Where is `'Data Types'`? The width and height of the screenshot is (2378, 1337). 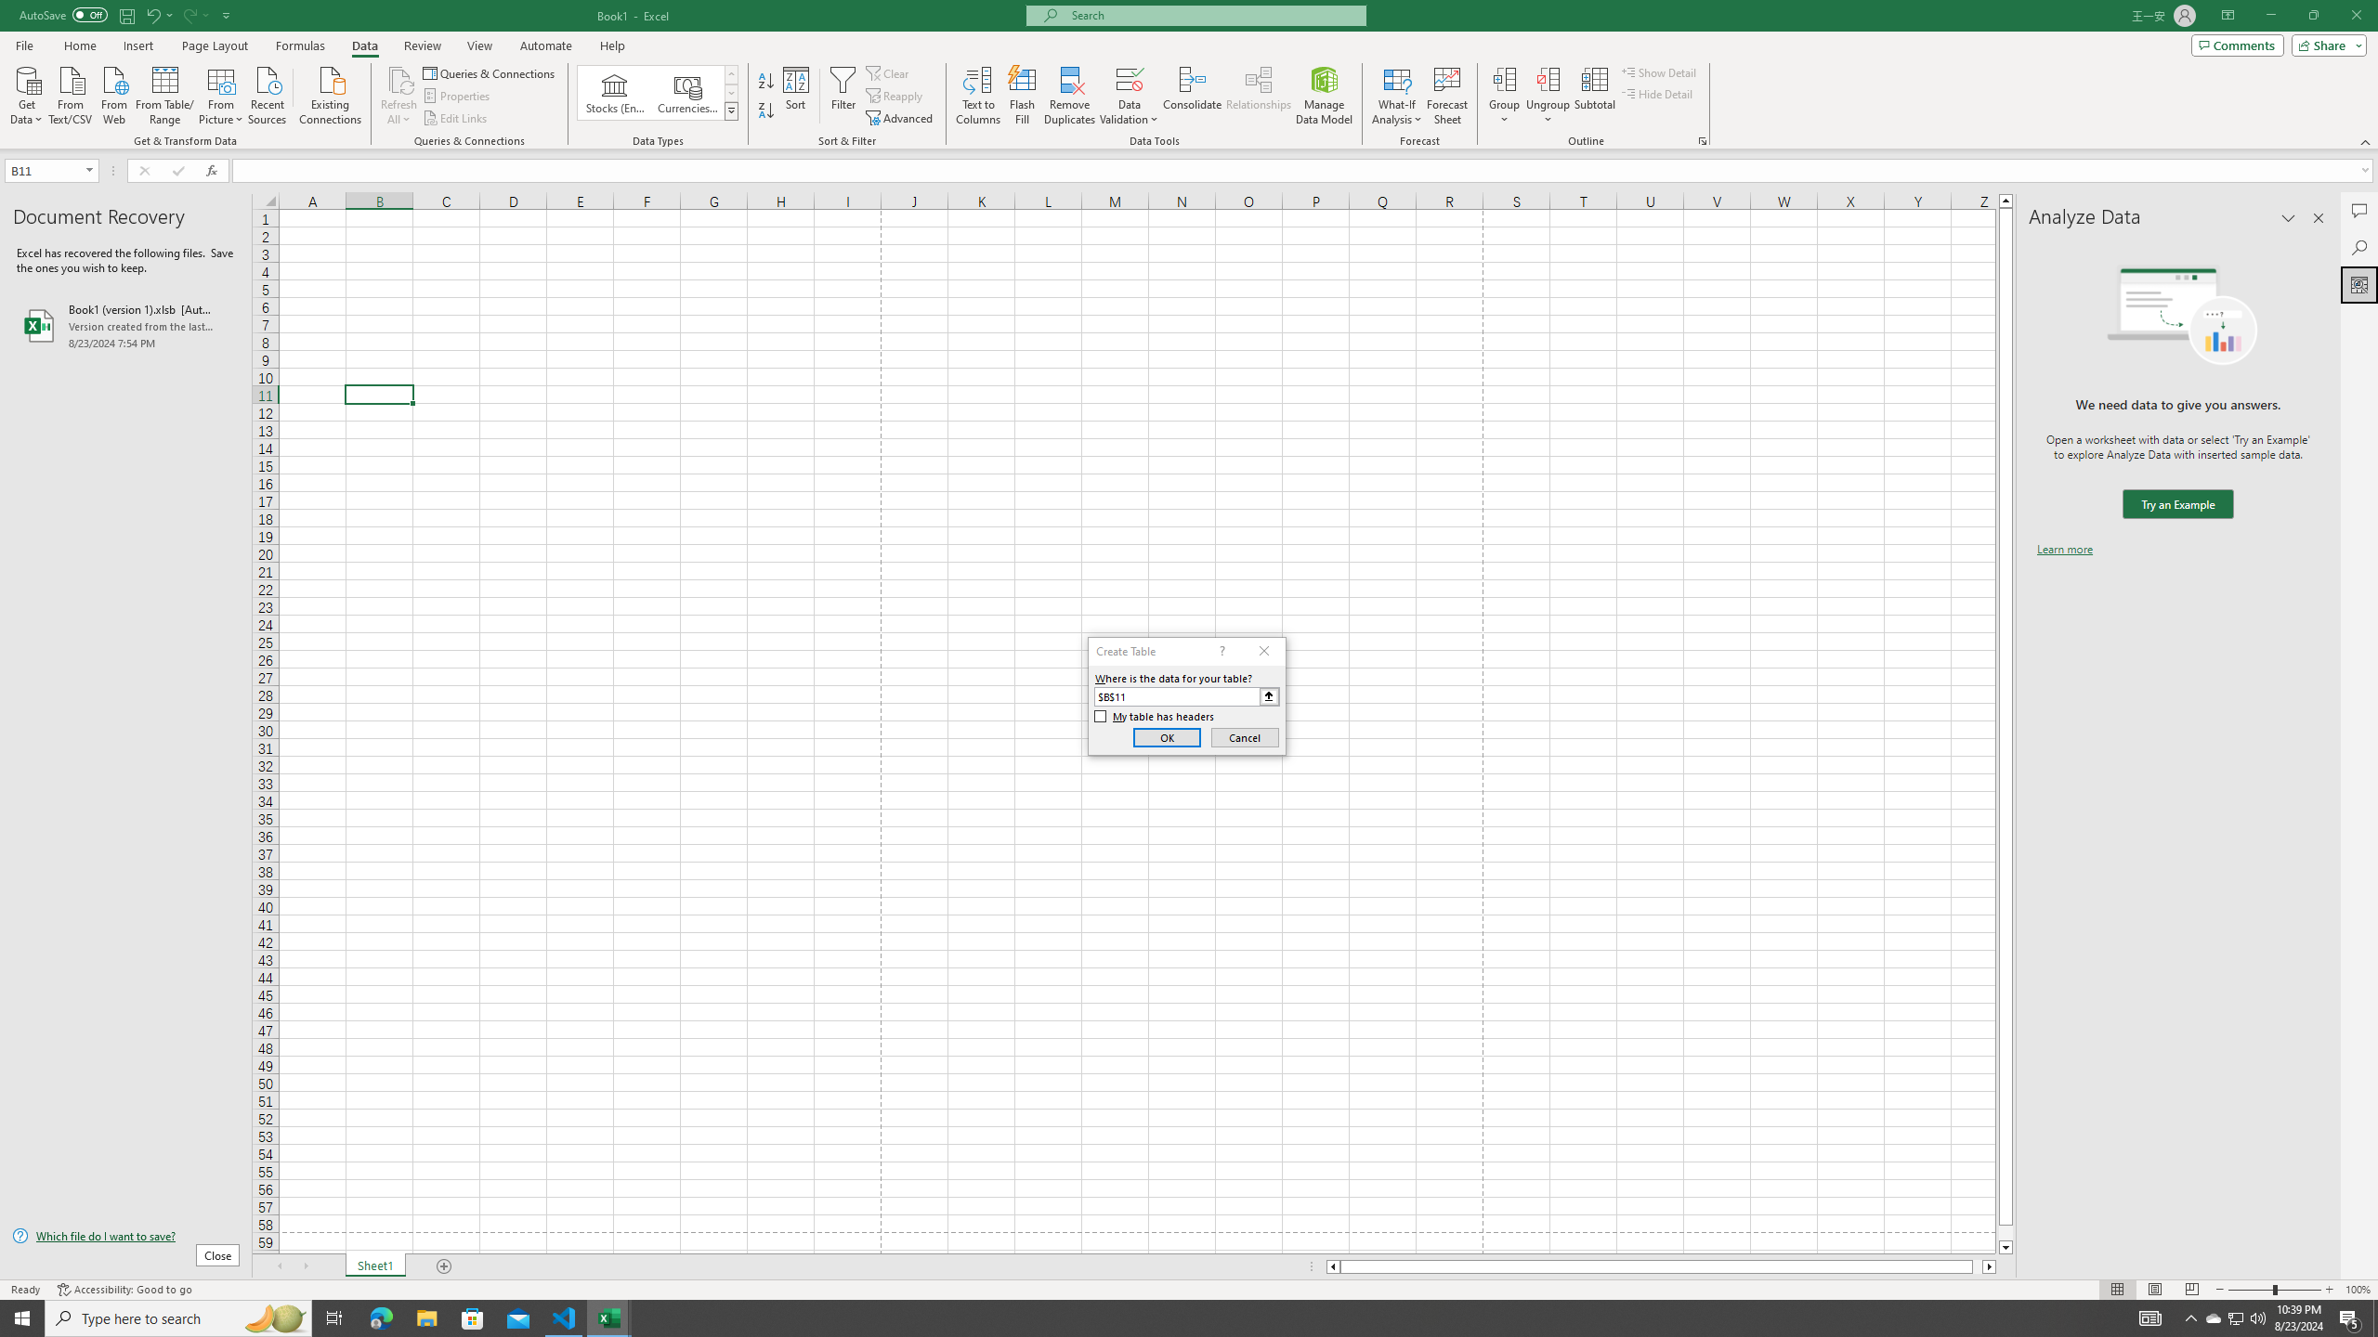
'Data Types' is located at coordinates (731, 110).